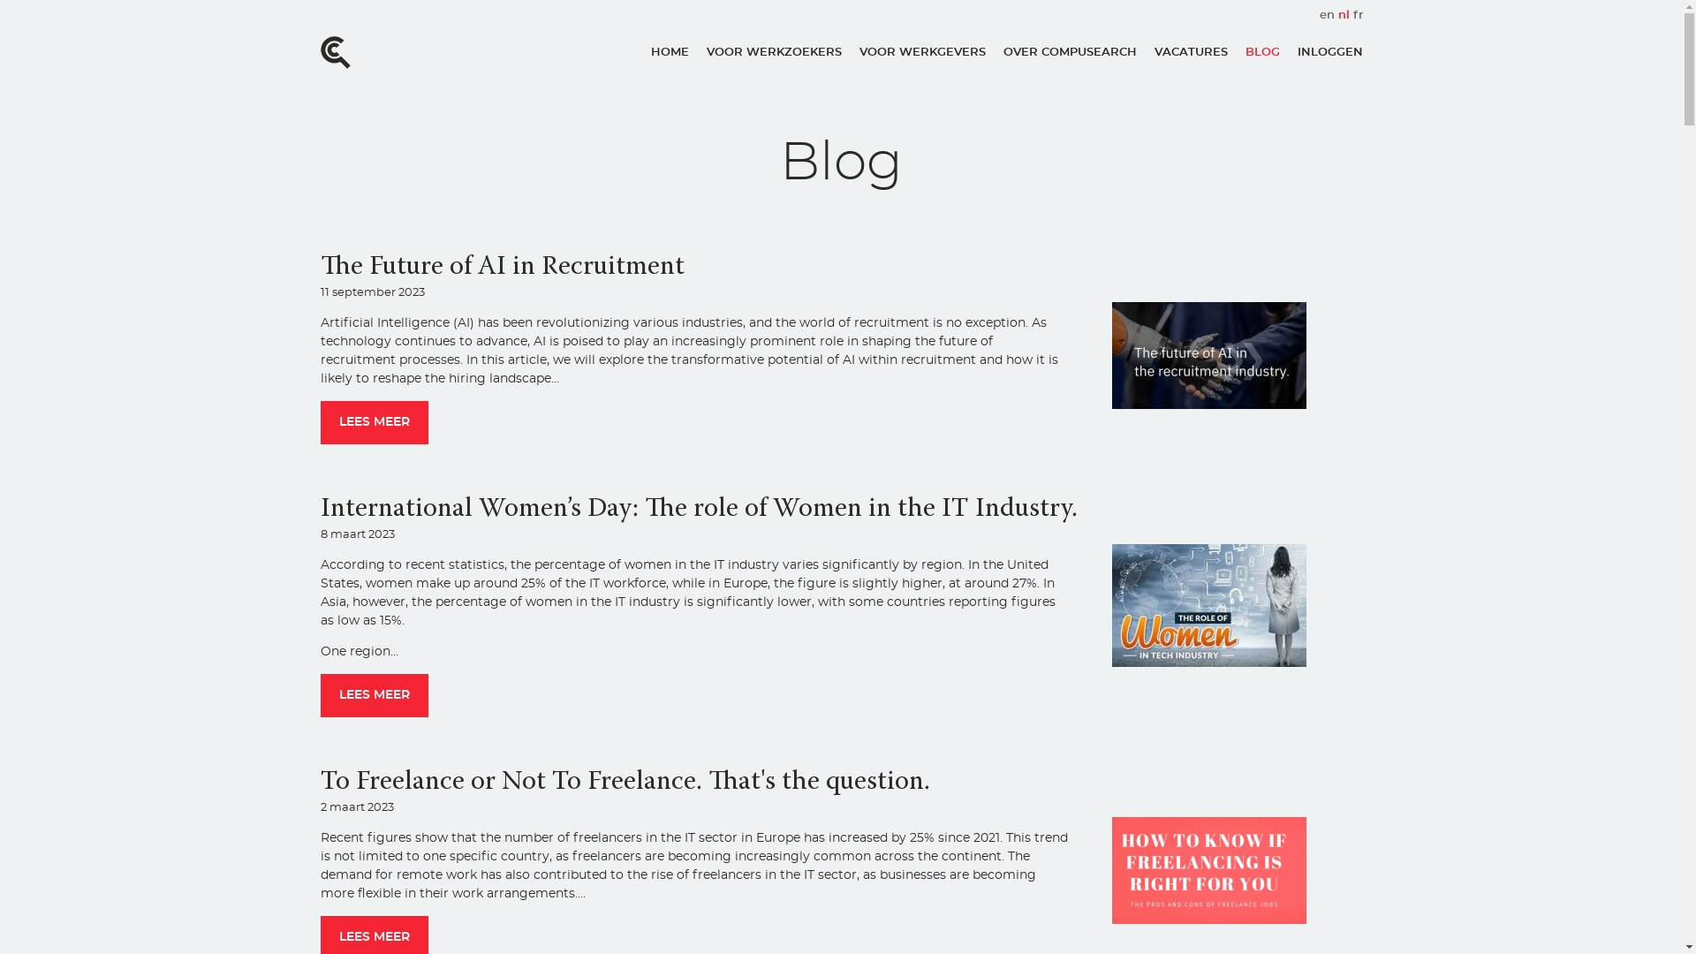 The image size is (1696, 954). What do you see at coordinates (1357, 14) in the screenshot?
I see `'fr'` at bounding box center [1357, 14].